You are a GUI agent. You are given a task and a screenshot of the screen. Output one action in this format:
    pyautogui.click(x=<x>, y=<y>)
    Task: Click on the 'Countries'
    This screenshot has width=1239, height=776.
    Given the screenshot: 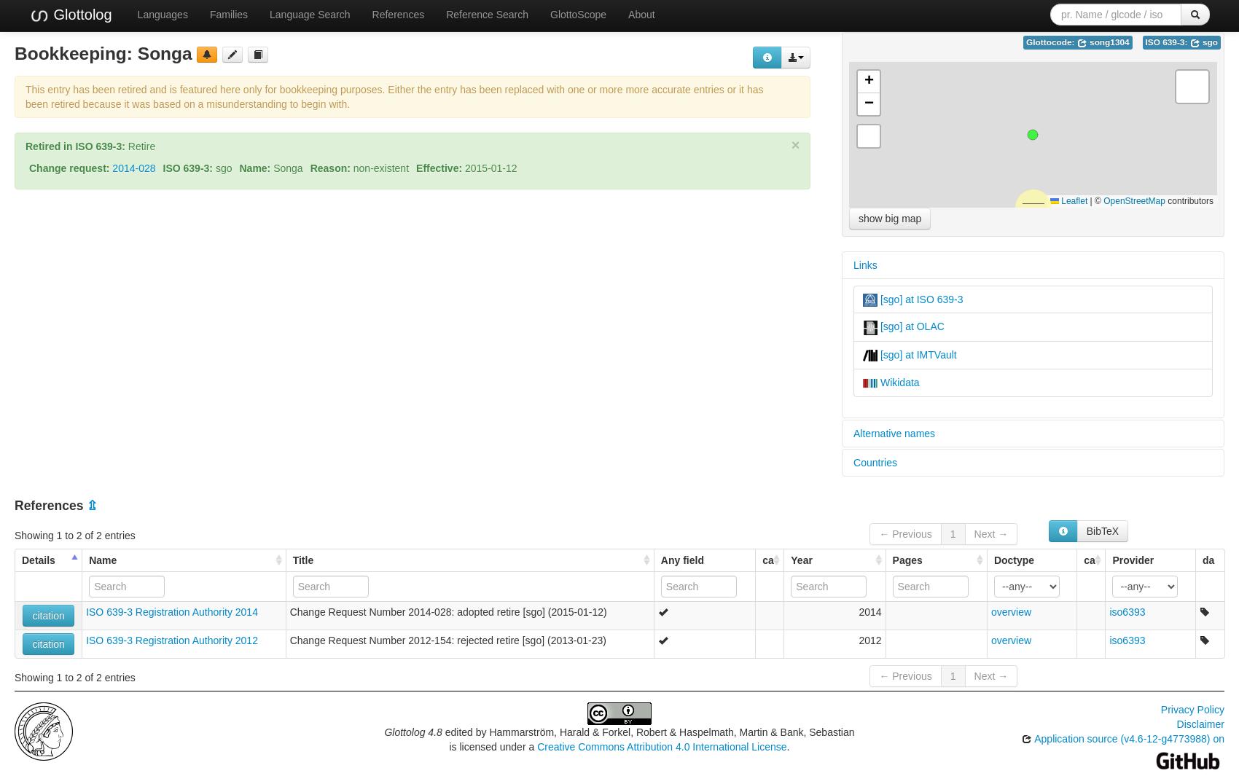 What is the action you would take?
    pyautogui.click(x=874, y=462)
    